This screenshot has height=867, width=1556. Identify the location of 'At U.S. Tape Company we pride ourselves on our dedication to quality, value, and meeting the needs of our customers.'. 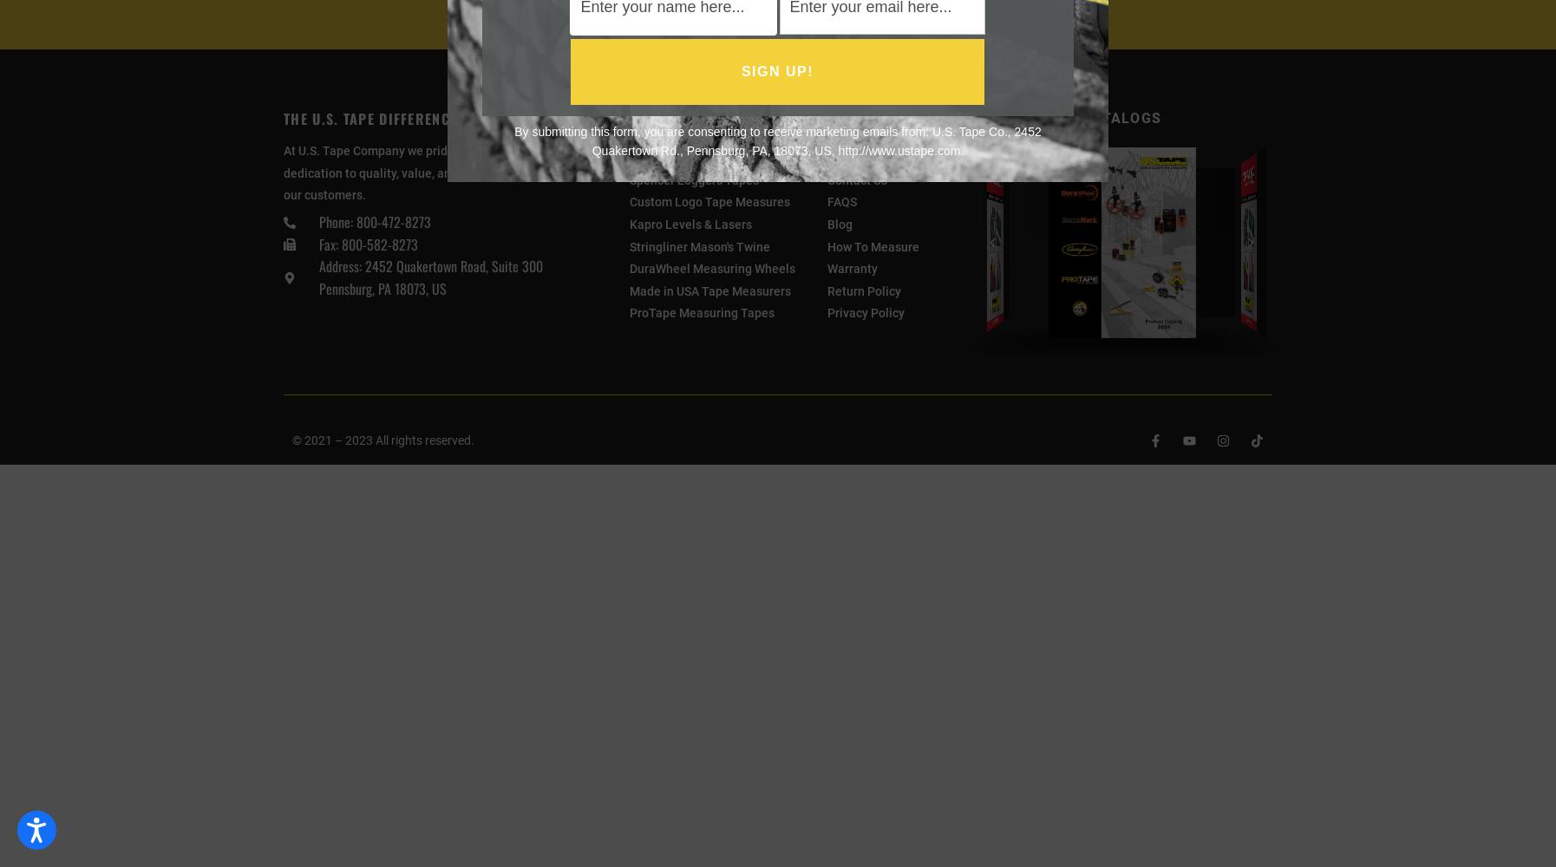
(430, 172).